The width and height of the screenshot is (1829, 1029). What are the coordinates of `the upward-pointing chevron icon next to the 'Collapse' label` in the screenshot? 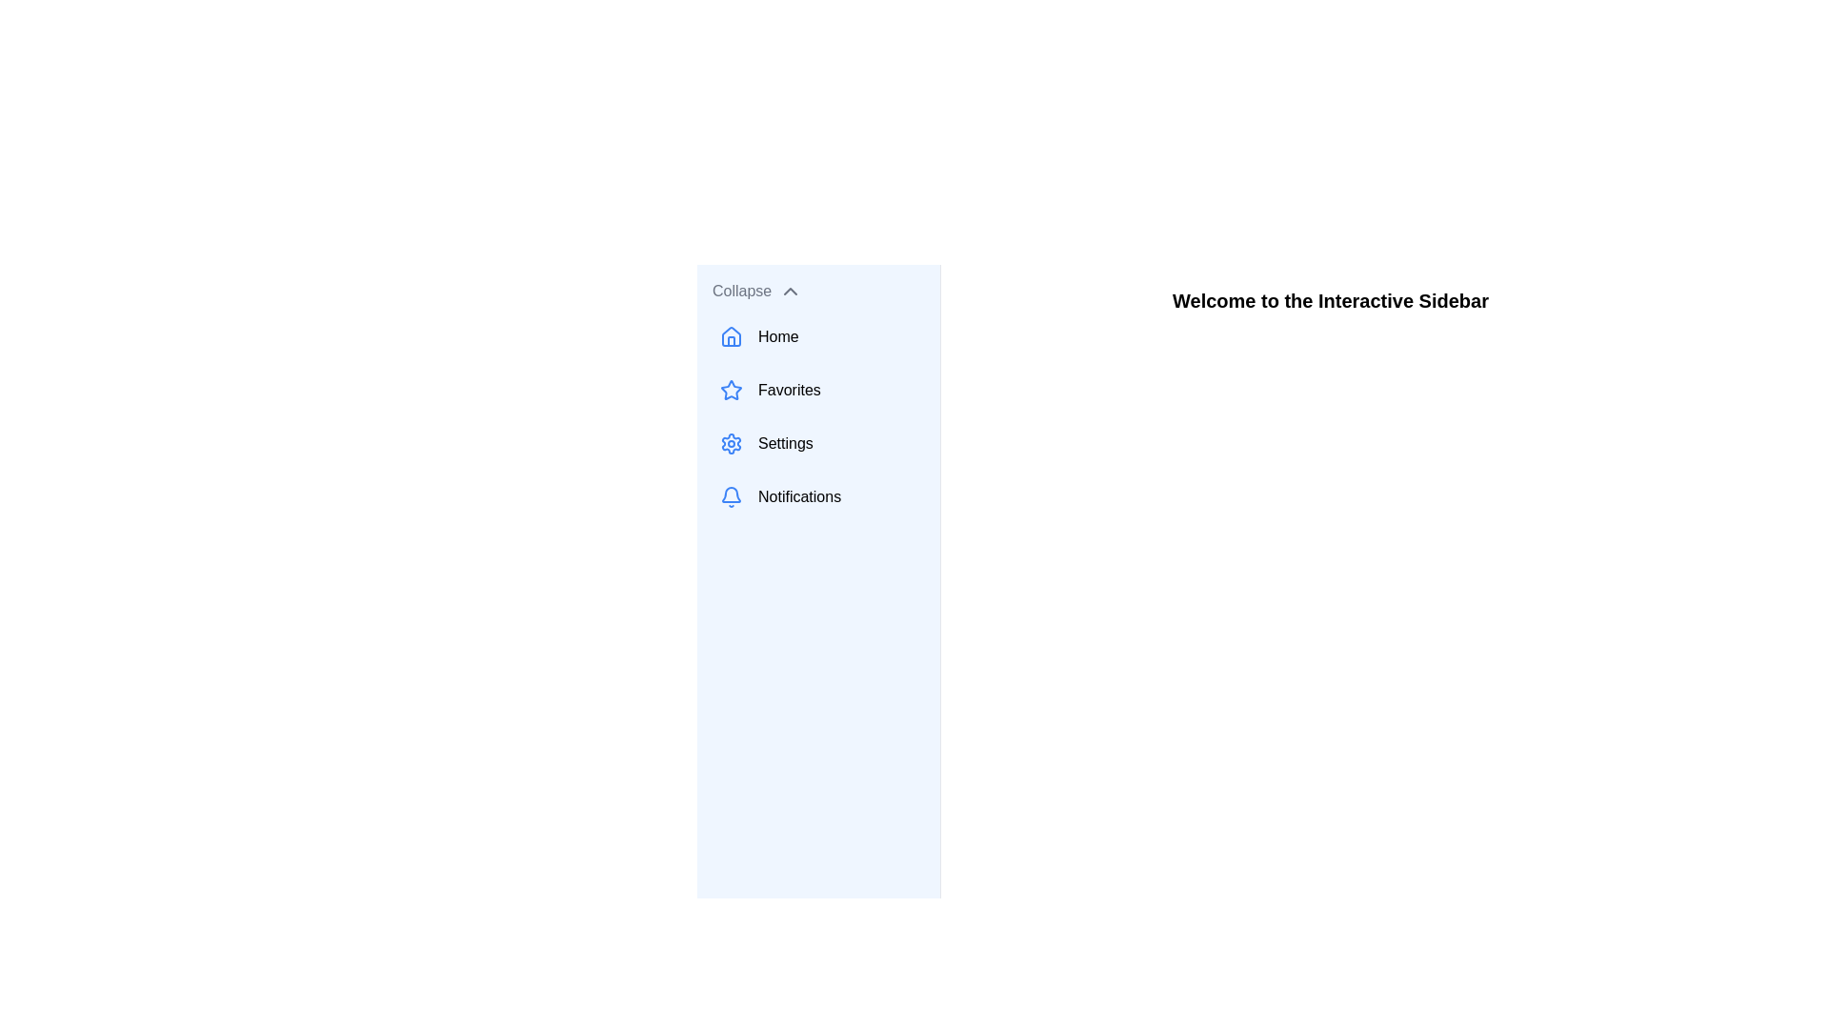 It's located at (791, 291).